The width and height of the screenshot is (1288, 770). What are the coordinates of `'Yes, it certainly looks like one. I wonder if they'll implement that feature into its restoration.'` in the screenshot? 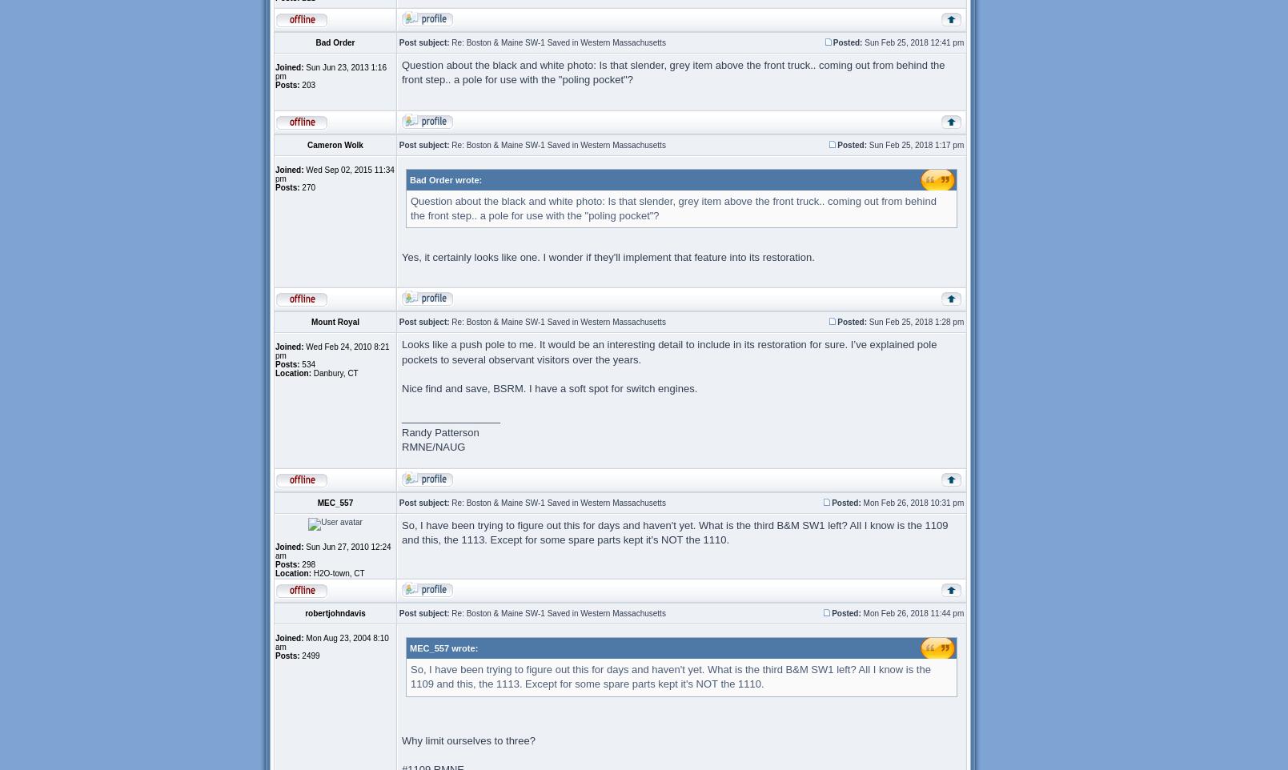 It's located at (401, 256).